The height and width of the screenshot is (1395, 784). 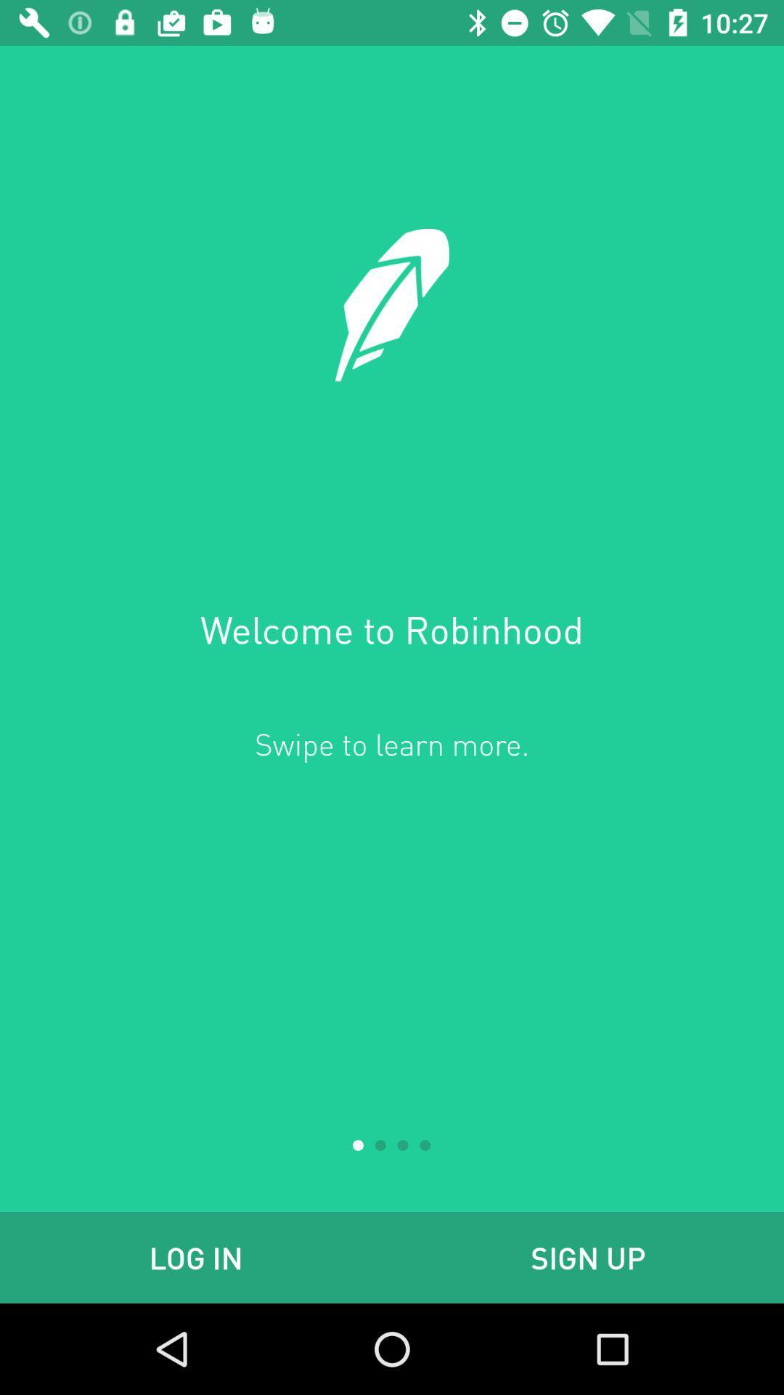 What do you see at coordinates (196, 1257) in the screenshot?
I see `the log in item` at bounding box center [196, 1257].